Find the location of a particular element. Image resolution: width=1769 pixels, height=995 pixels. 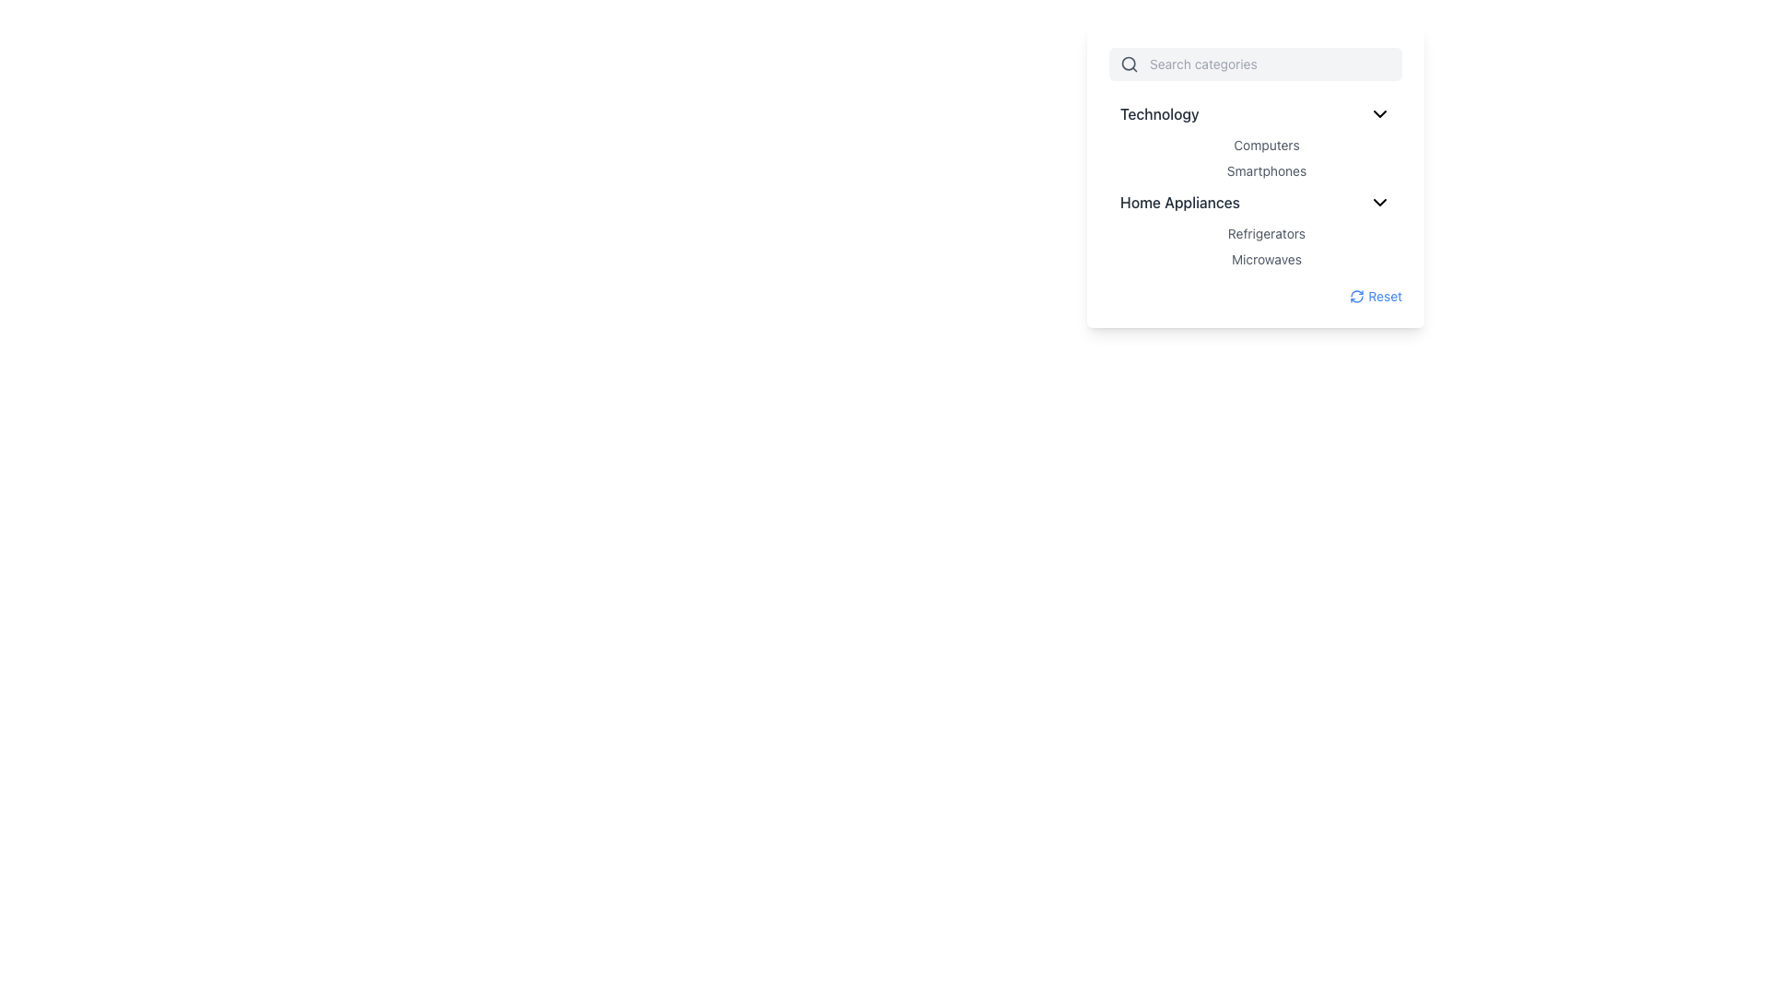

the SVG Circle element within the magnifying glass icon located at the top left corner of the search dropdown panel, adjacent to the 'Search categories' text input field is located at coordinates (1128, 63).